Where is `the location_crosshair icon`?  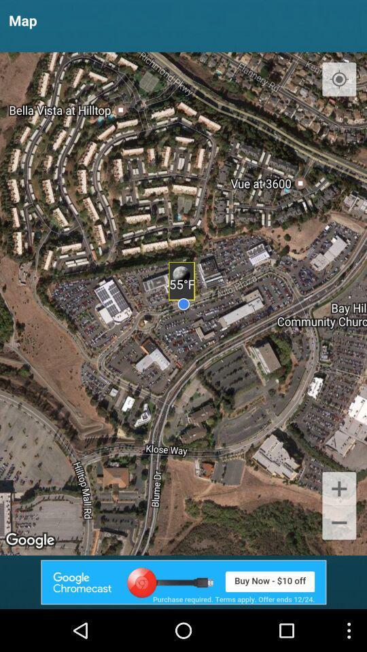 the location_crosshair icon is located at coordinates (338, 84).